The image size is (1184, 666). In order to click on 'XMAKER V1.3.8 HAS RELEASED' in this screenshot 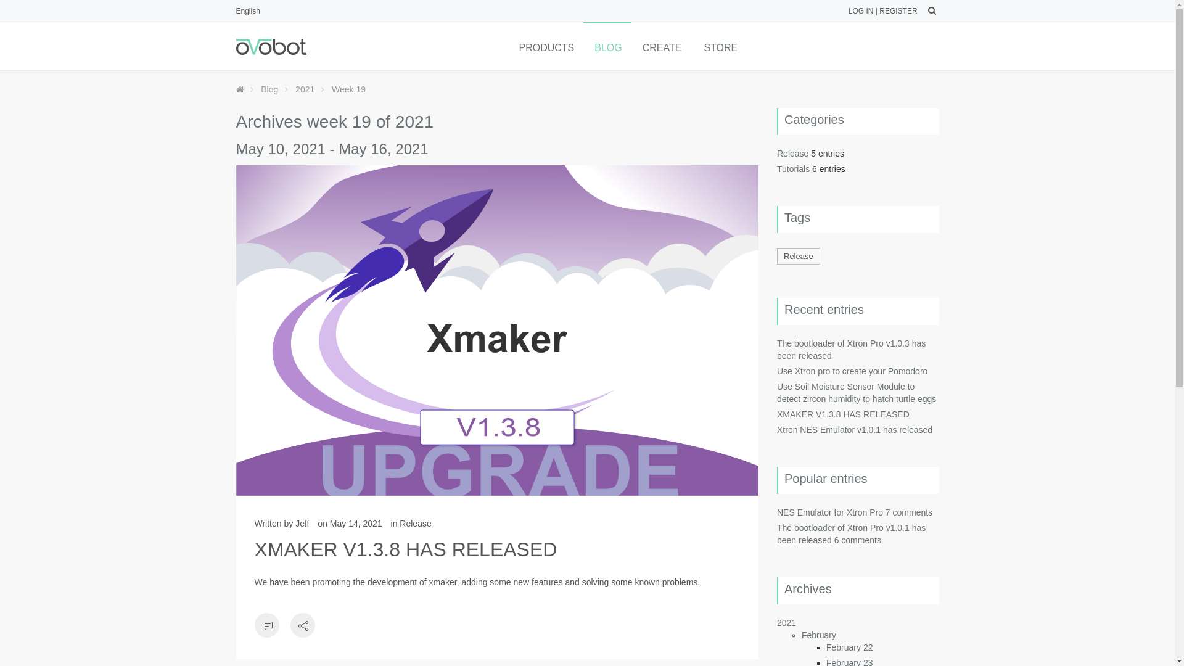, I will do `click(405, 549)`.